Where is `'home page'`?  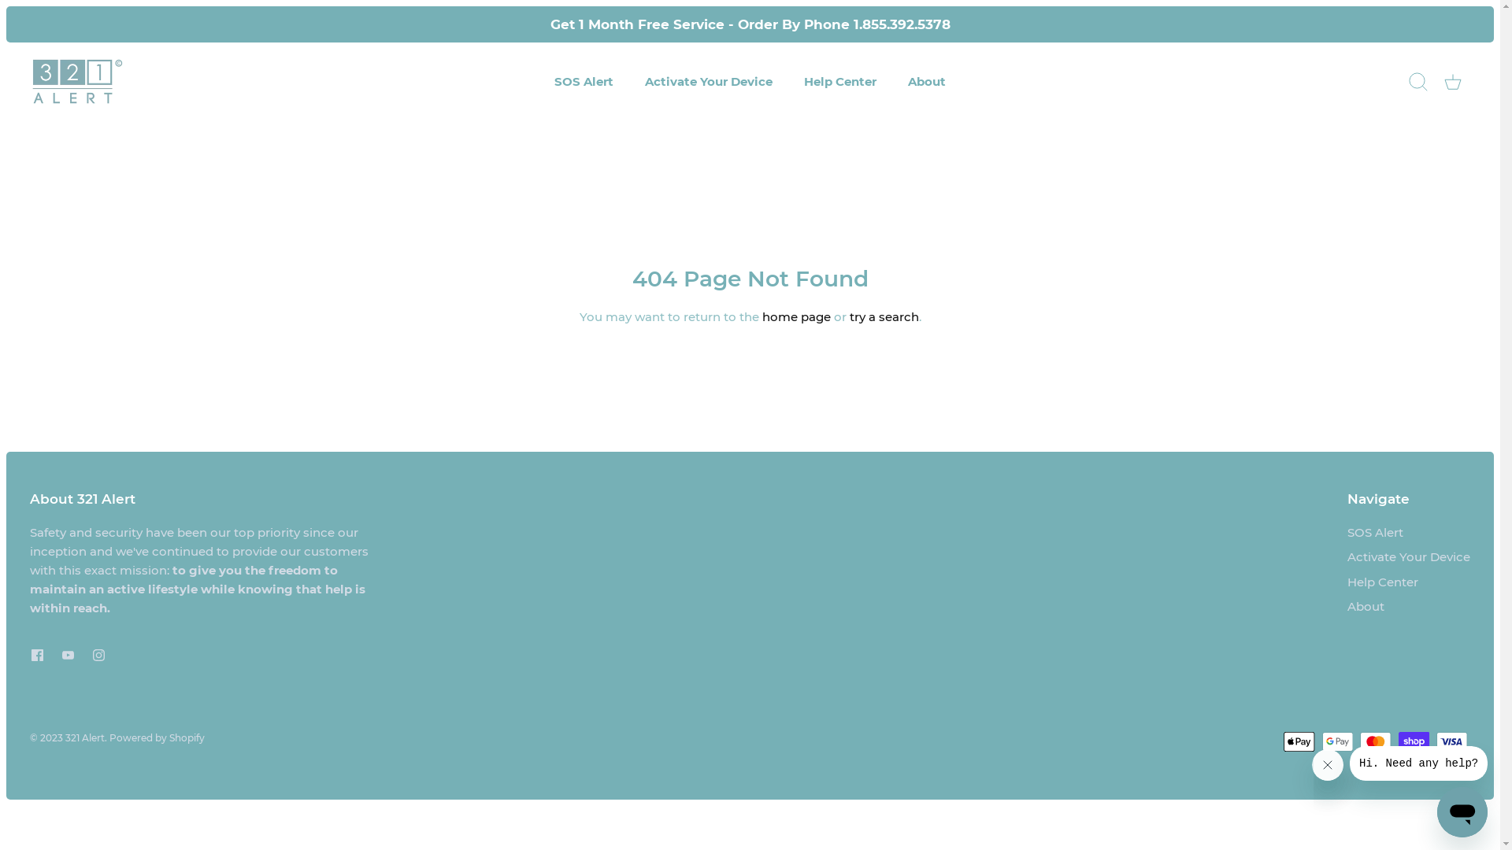 'home page' is located at coordinates (796, 316).